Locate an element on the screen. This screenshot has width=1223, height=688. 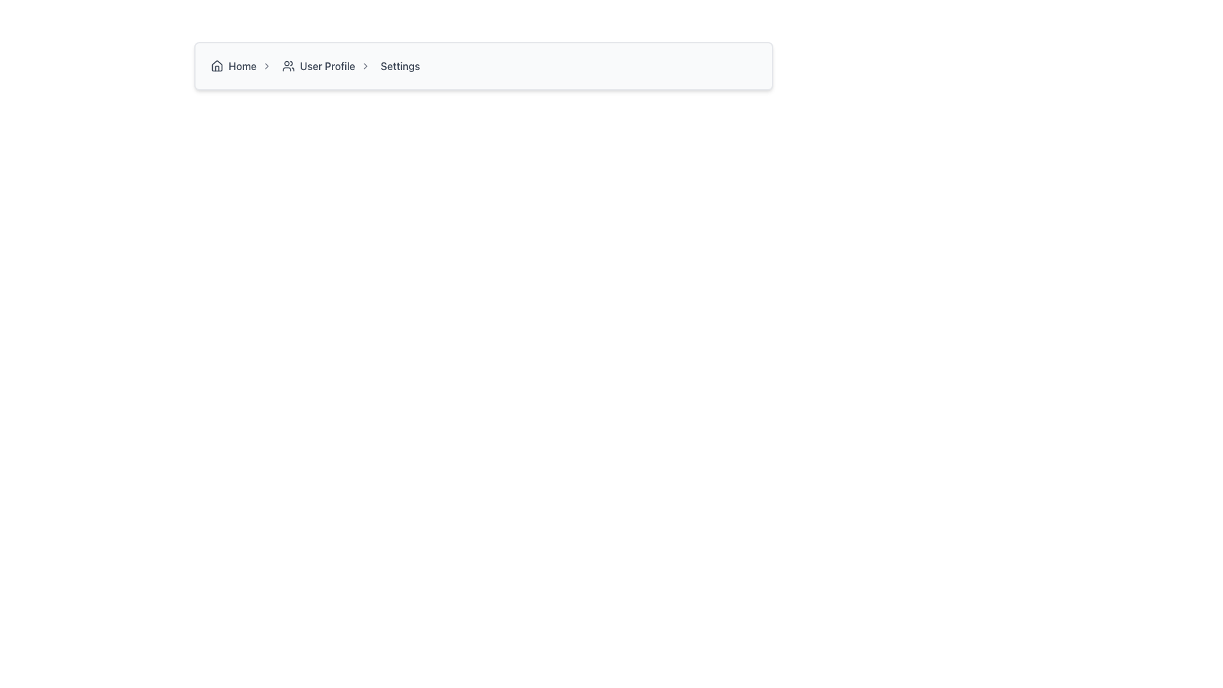
the 'User Profile' navigation link, which is the second clickable item in the breadcrumb navigation, to observe the styling changes is located at coordinates (318, 66).